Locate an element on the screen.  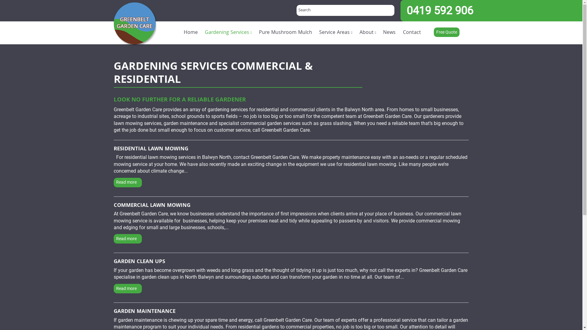
'Contact' is located at coordinates (412, 33).